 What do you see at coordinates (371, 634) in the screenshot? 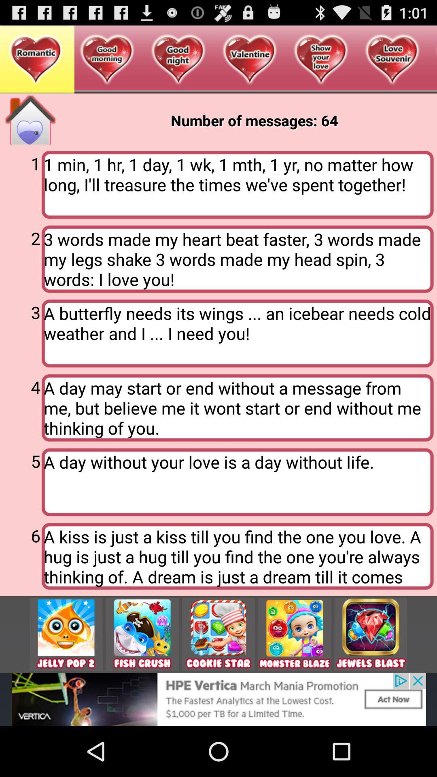
I see `click for jewels blast` at bounding box center [371, 634].